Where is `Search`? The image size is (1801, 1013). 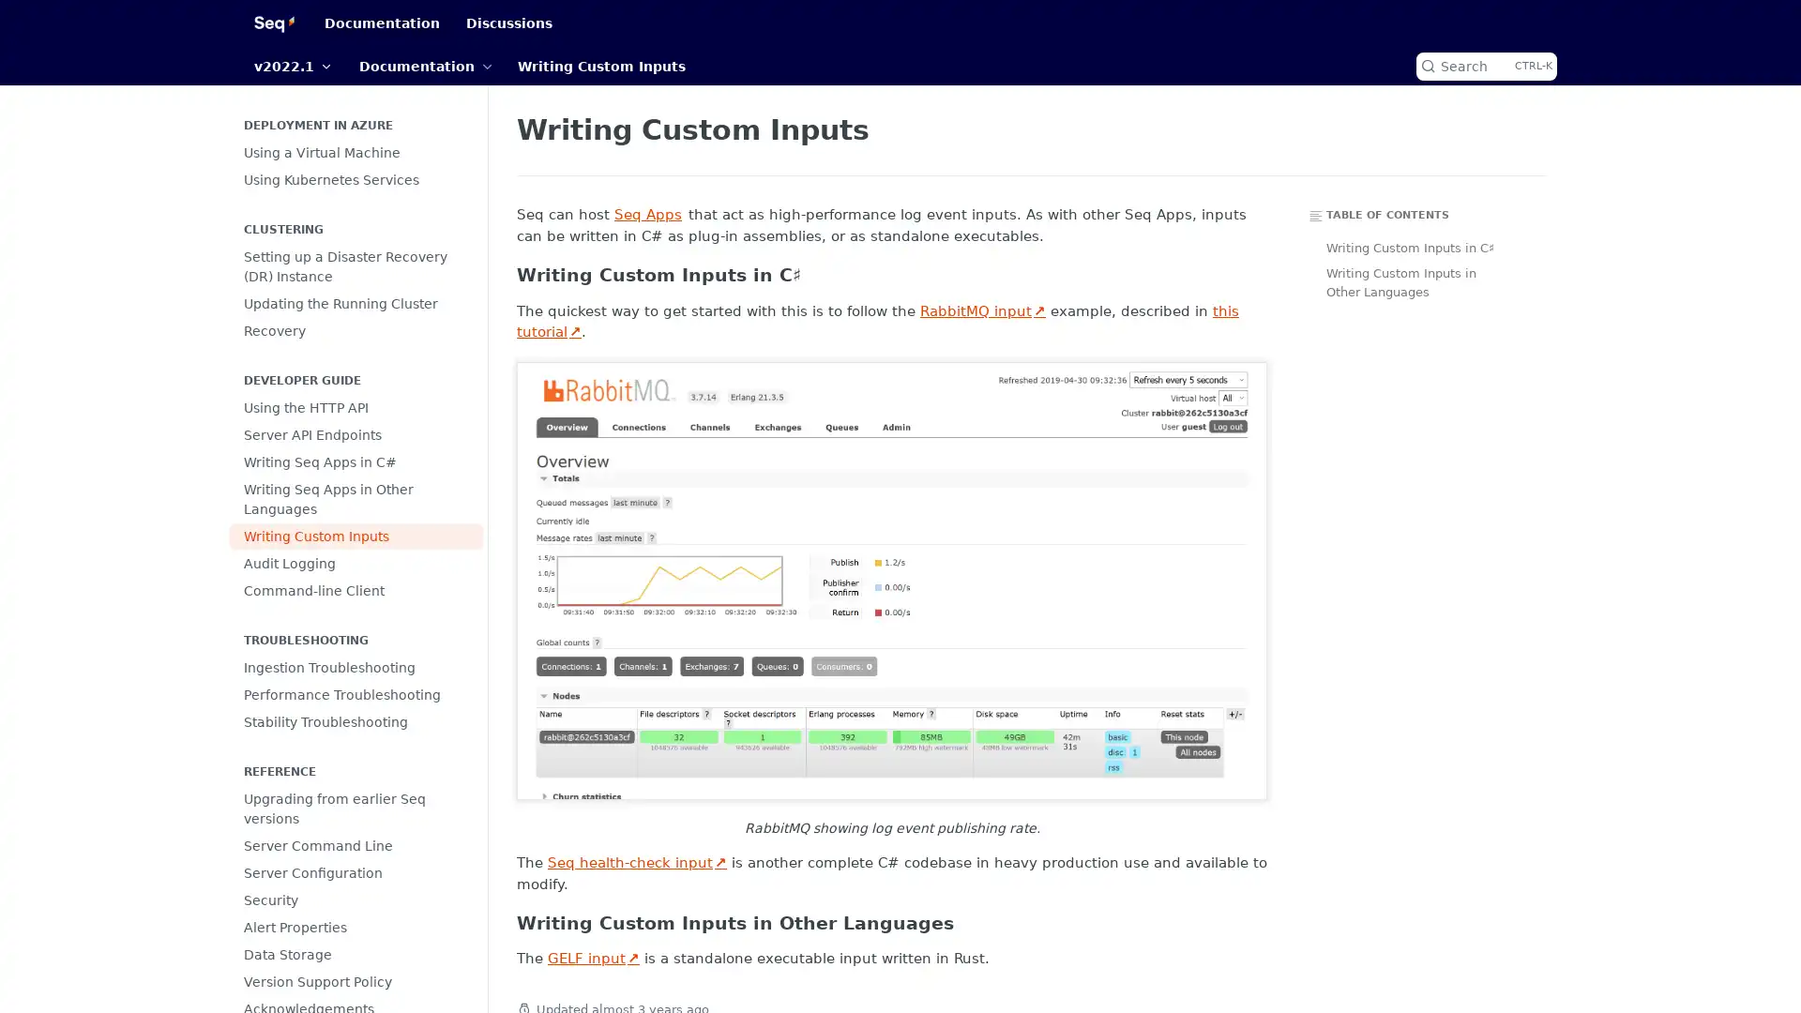 Search is located at coordinates (1485, 65).